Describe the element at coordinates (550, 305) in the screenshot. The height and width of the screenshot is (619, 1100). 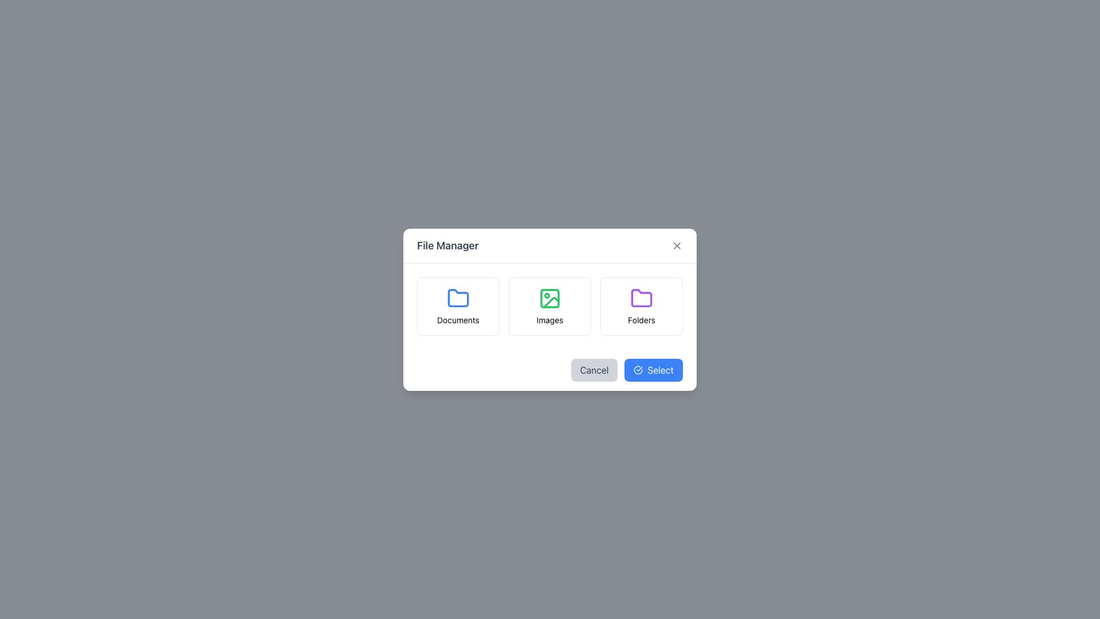
I see `the 'Images' selection button in the file manager interface` at that location.